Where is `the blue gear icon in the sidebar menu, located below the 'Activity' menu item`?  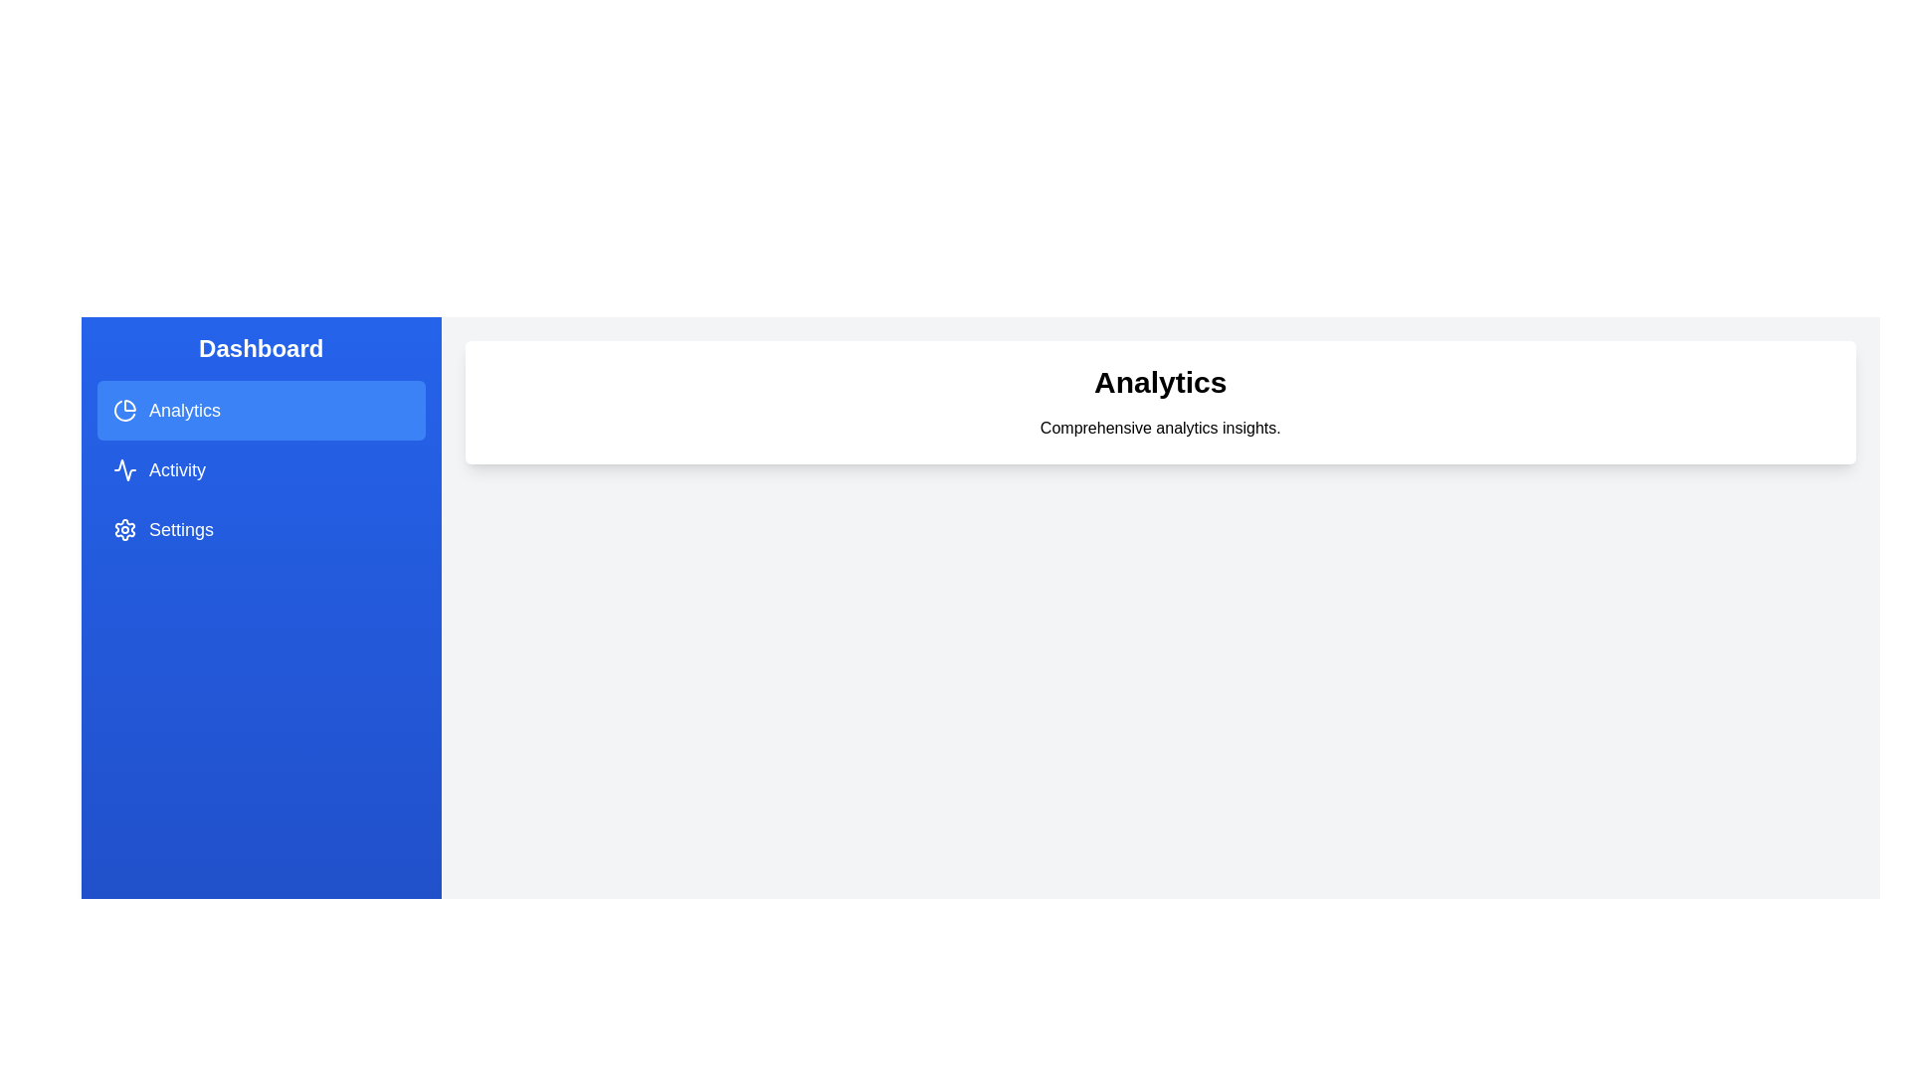
the blue gear icon in the sidebar menu, located below the 'Activity' menu item is located at coordinates (123, 528).